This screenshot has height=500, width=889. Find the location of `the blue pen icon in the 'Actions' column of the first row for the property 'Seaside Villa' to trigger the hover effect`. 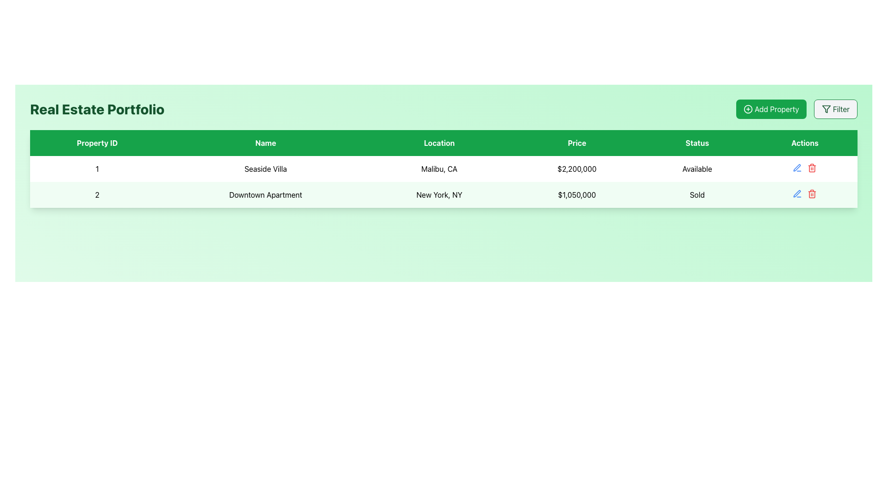

the blue pen icon in the 'Actions' column of the first row for the property 'Seaside Villa' to trigger the hover effect is located at coordinates (797, 168).